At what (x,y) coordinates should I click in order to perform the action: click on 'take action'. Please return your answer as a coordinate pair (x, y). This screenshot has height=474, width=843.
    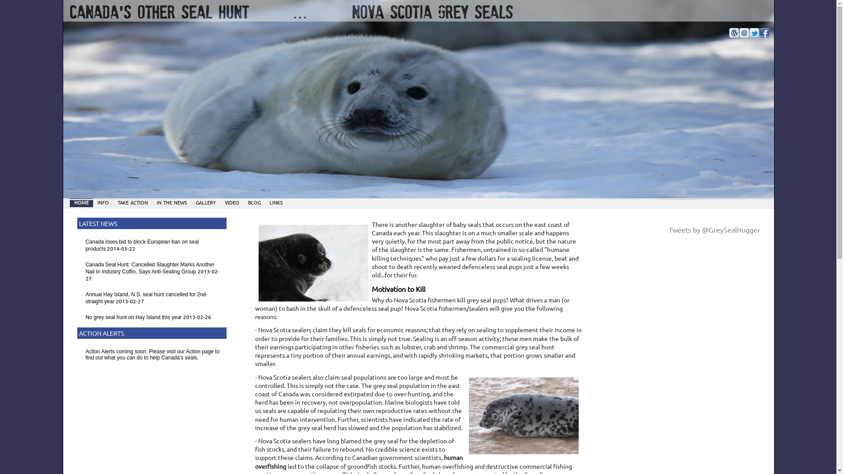
    Looking at the image, I should click on (132, 201).